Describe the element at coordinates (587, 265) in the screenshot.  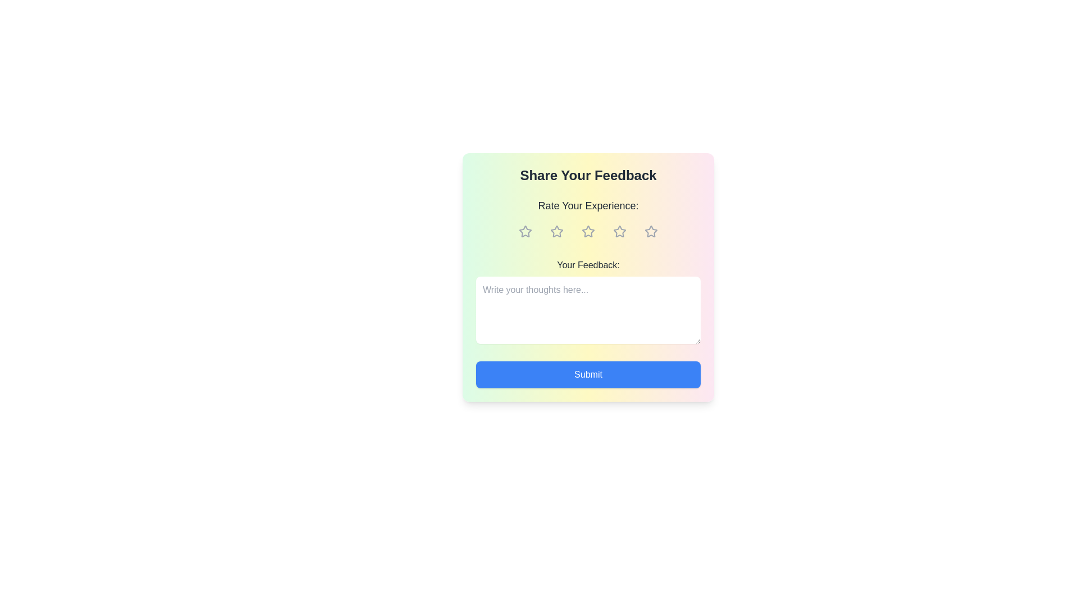
I see `the text label or heading that serves as a guide for the feedback text input area, located within the feedback form` at that location.